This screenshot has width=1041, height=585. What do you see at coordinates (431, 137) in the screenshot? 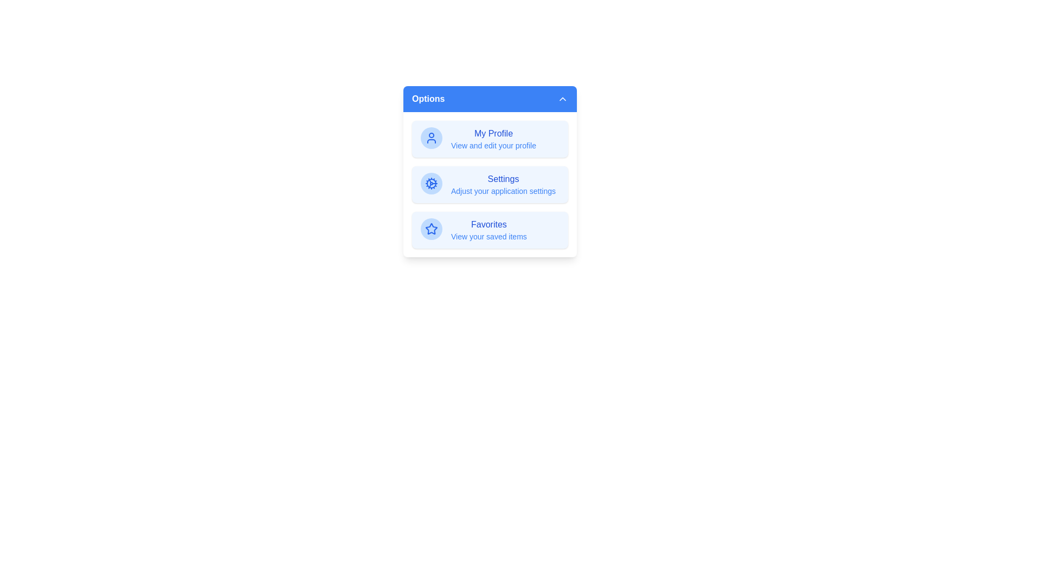
I see `the icon corresponding to the My Profile option` at bounding box center [431, 137].